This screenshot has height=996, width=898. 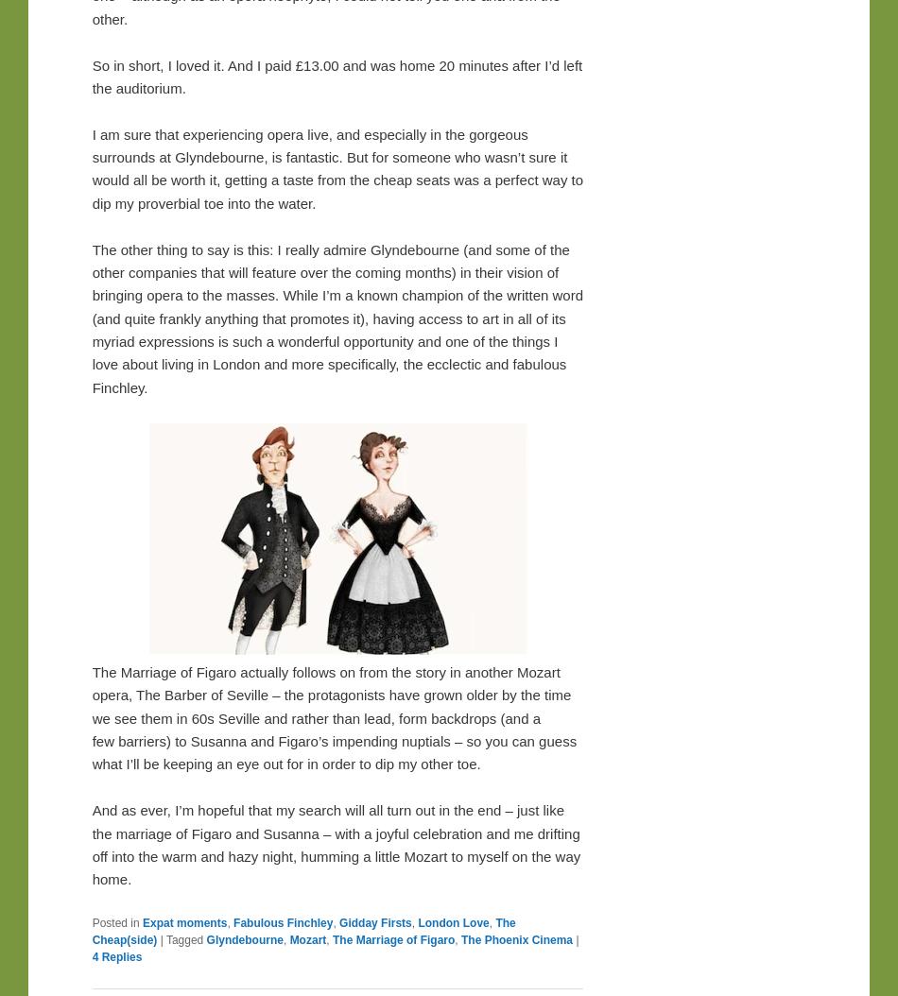 I want to click on 'The Marriage of Figaro', so click(x=392, y=939).